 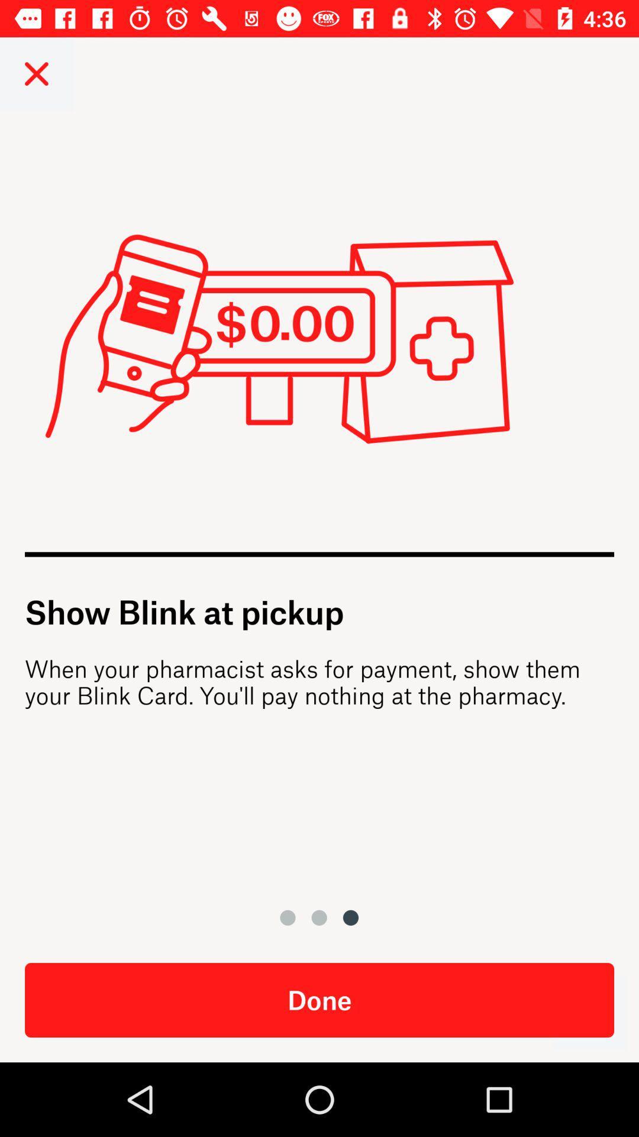 I want to click on the item at the bottom right corner, so click(x=589, y=1011).